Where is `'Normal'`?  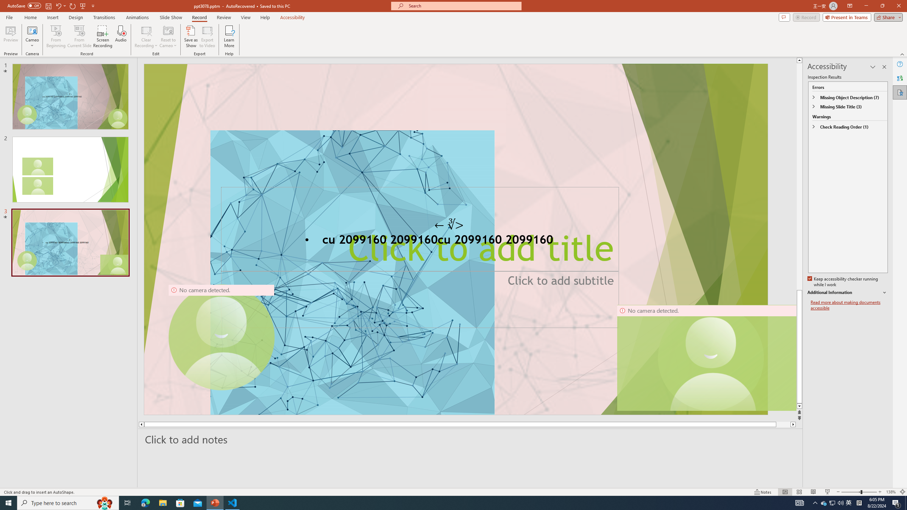 'Normal' is located at coordinates (784, 492).